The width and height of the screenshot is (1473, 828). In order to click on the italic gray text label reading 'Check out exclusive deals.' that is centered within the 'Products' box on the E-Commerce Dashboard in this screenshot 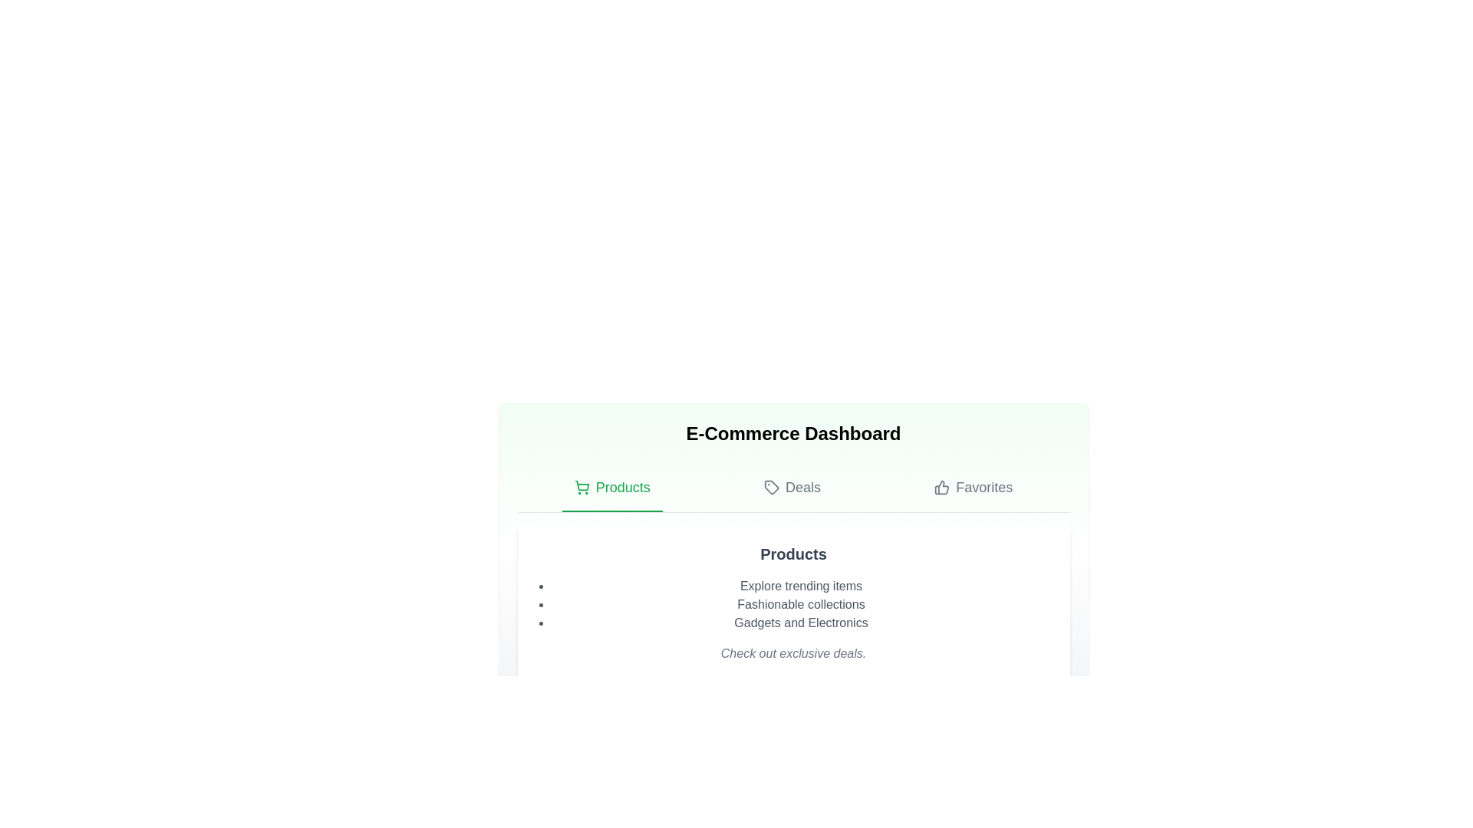, I will do `click(793, 653)`.